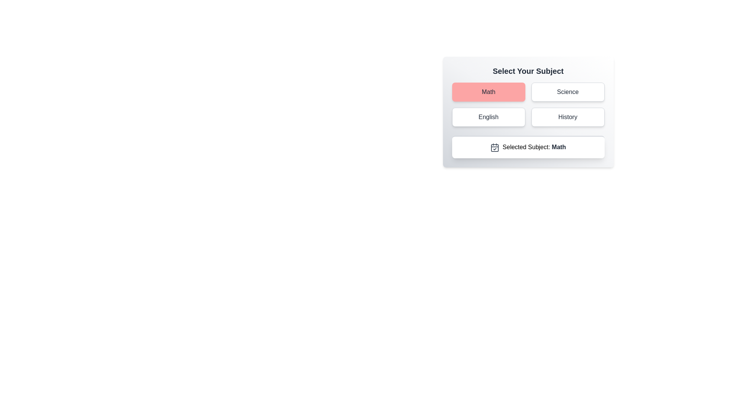 This screenshot has height=411, width=732. Describe the element at coordinates (528, 104) in the screenshot. I see `the grid containing selection buttons, specifically the highlighted 'Math' item in the top-left corner` at that location.